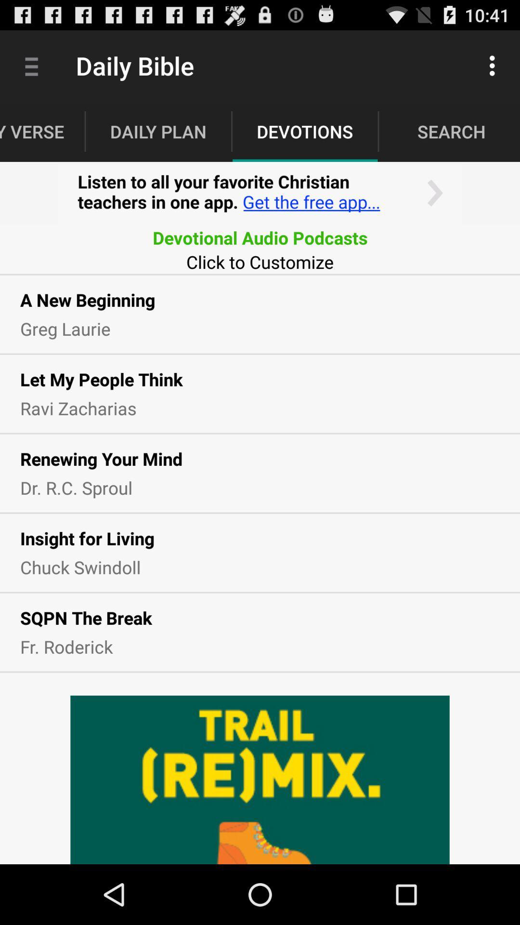 The height and width of the screenshot is (925, 520). I want to click on next, so click(260, 193).